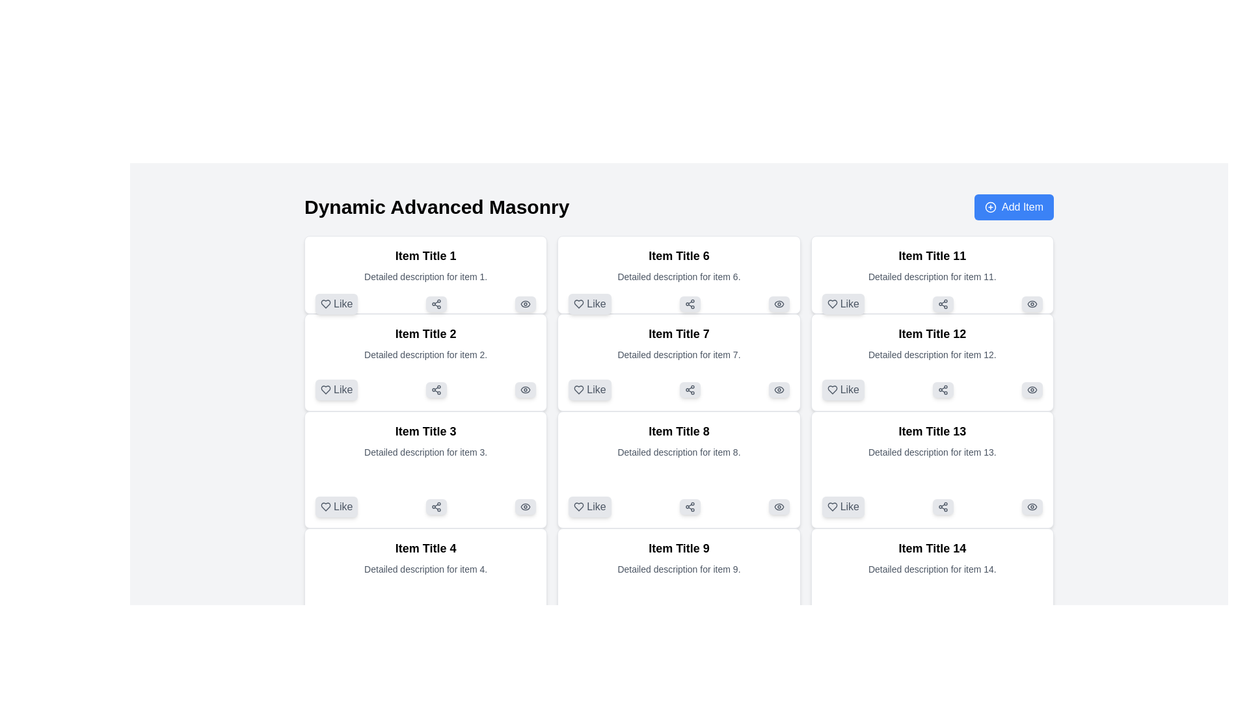 This screenshot has height=702, width=1249. What do you see at coordinates (336, 506) in the screenshot?
I see `the 'like' button located in the bottom-left corner of the card labeled 'Item Title 3' to express approval for the associated content` at bounding box center [336, 506].